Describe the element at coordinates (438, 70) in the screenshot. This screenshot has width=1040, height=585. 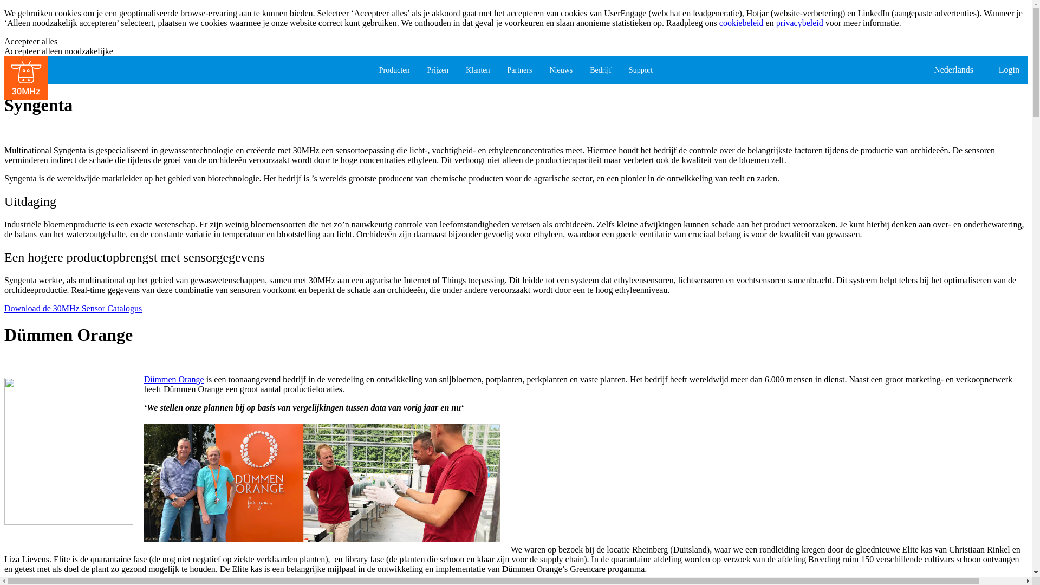
I see `'Prijzen'` at that location.